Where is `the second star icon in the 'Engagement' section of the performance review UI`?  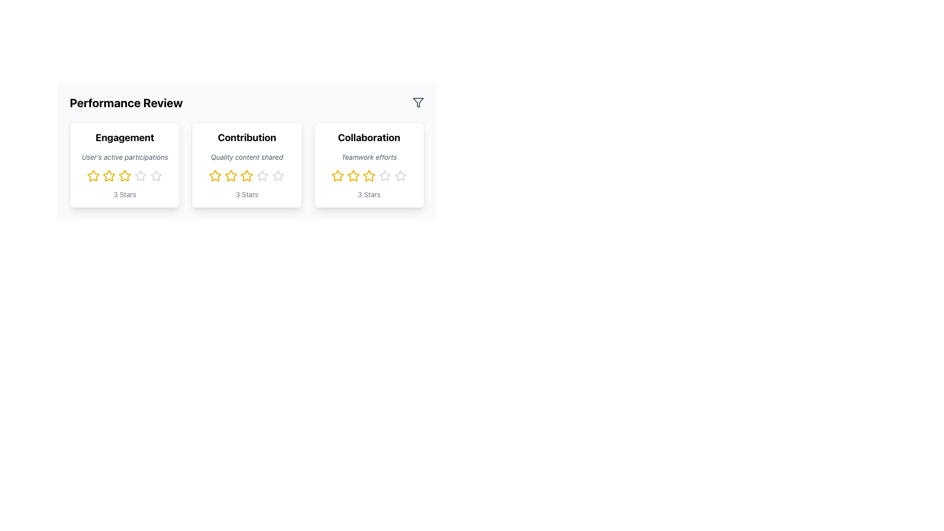
the second star icon in the 'Engagement' section of the performance review UI is located at coordinates (124, 175).